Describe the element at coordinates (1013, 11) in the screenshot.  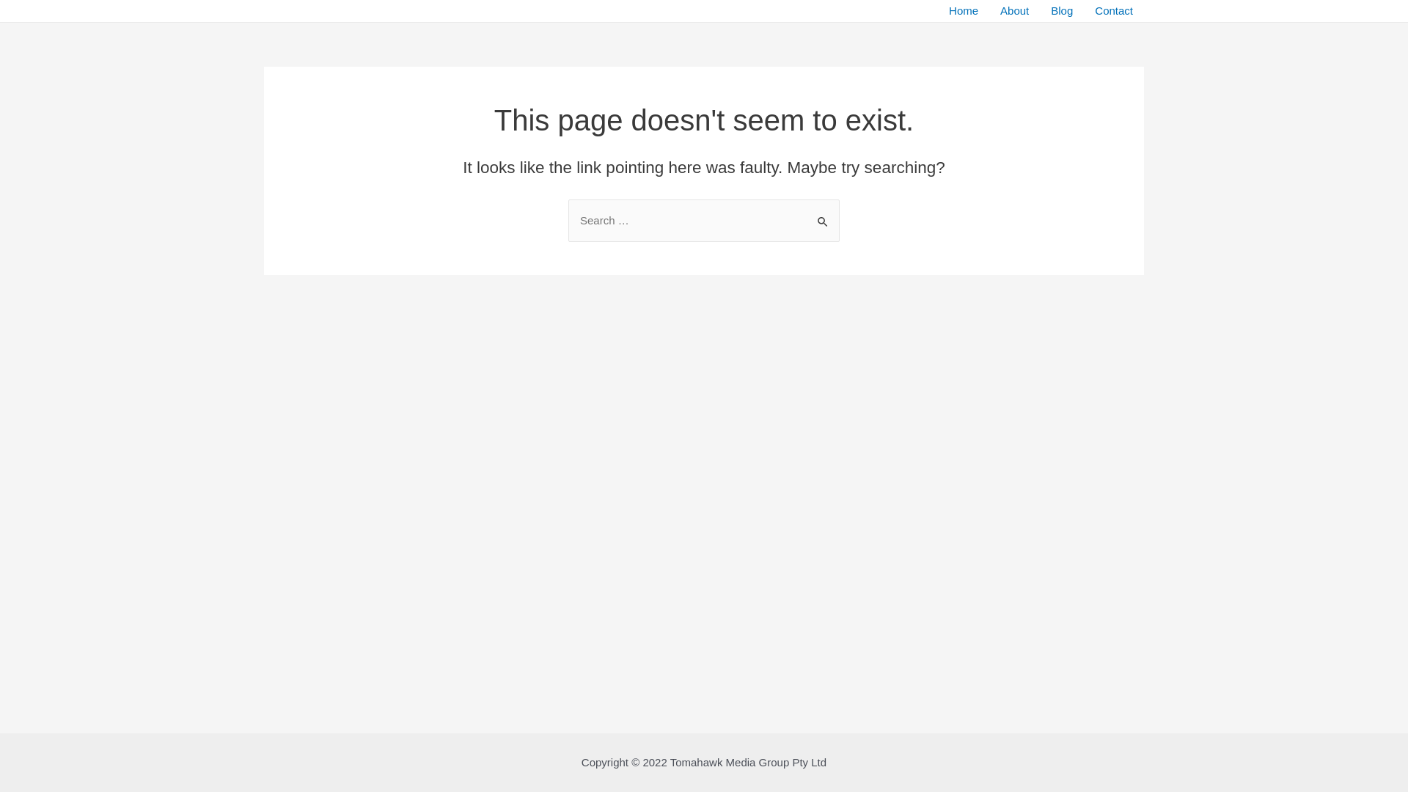
I see `'About'` at that location.